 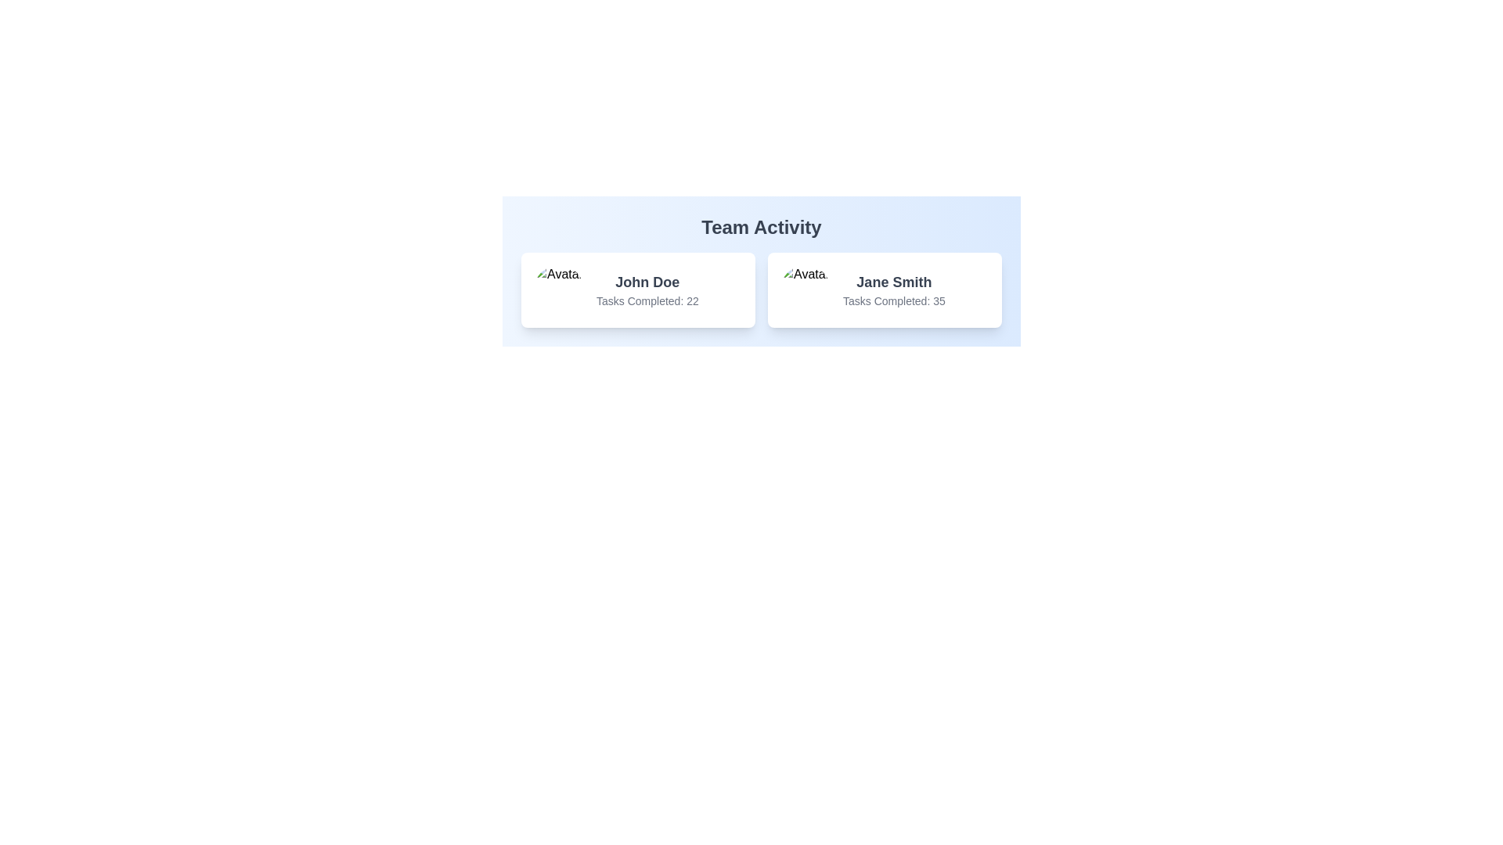 What do you see at coordinates (647, 289) in the screenshot?
I see `the text block displaying the name 'John Doe' and the number of tasks completed (22) in the middle section of the left card within the 'Team Activity' section` at bounding box center [647, 289].